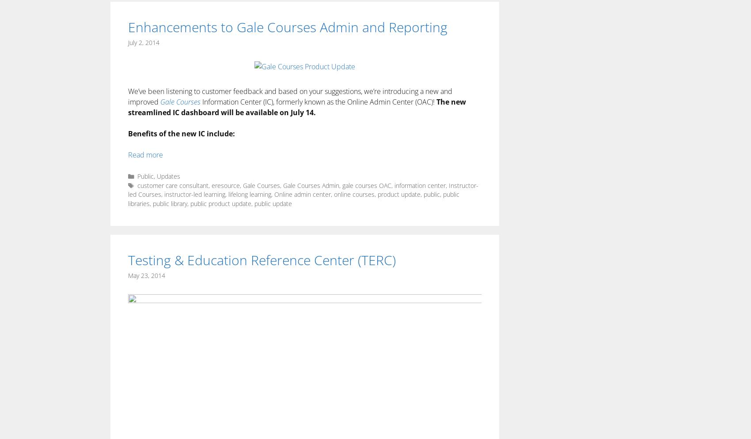 The height and width of the screenshot is (439, 751). I want to click on 'Enhancements to Gale Courses Admin and Reporting', so click(288, 26).